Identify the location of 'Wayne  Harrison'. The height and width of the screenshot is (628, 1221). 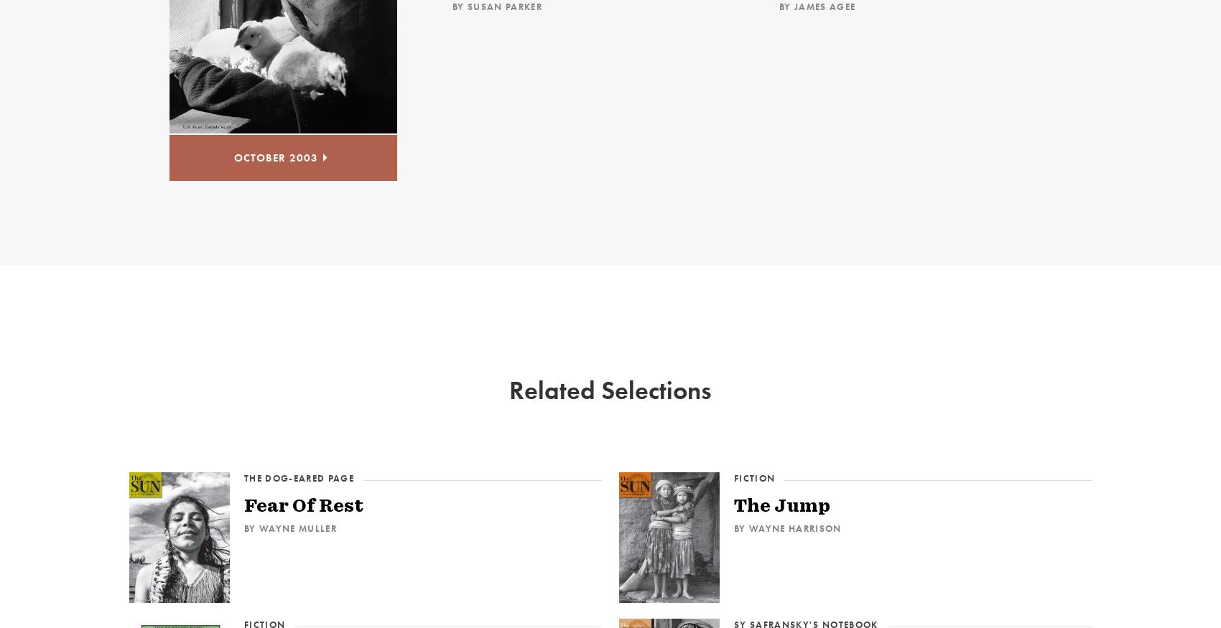
(795, 528).